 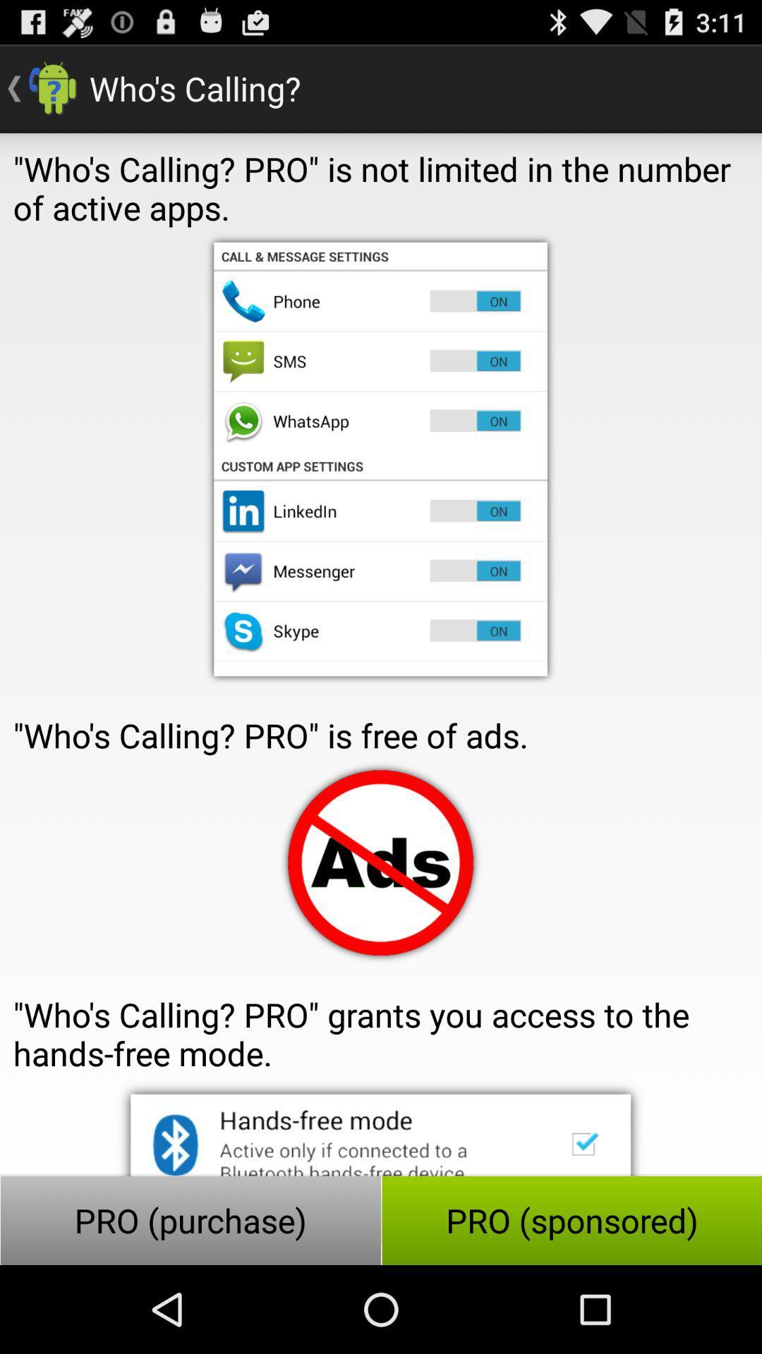 What do you see at coordinates (571, 1220) in the screenshot?
I see `the pro (sponsored) at the bottom right corner` at bounding box center [571, 1220].